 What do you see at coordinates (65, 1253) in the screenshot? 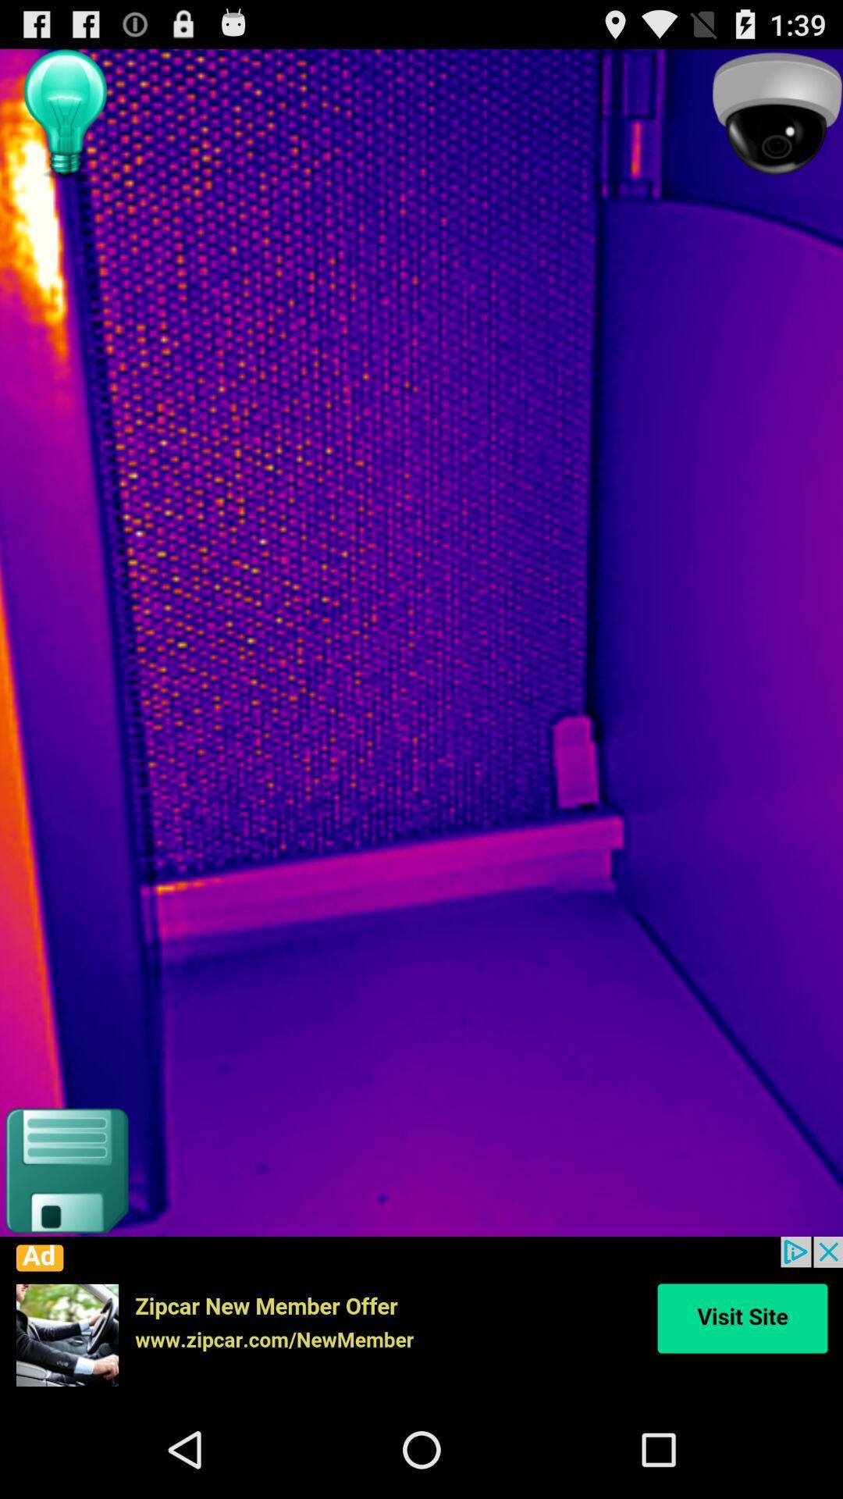
I see `the save icon` at bounding box center [65, 1253].